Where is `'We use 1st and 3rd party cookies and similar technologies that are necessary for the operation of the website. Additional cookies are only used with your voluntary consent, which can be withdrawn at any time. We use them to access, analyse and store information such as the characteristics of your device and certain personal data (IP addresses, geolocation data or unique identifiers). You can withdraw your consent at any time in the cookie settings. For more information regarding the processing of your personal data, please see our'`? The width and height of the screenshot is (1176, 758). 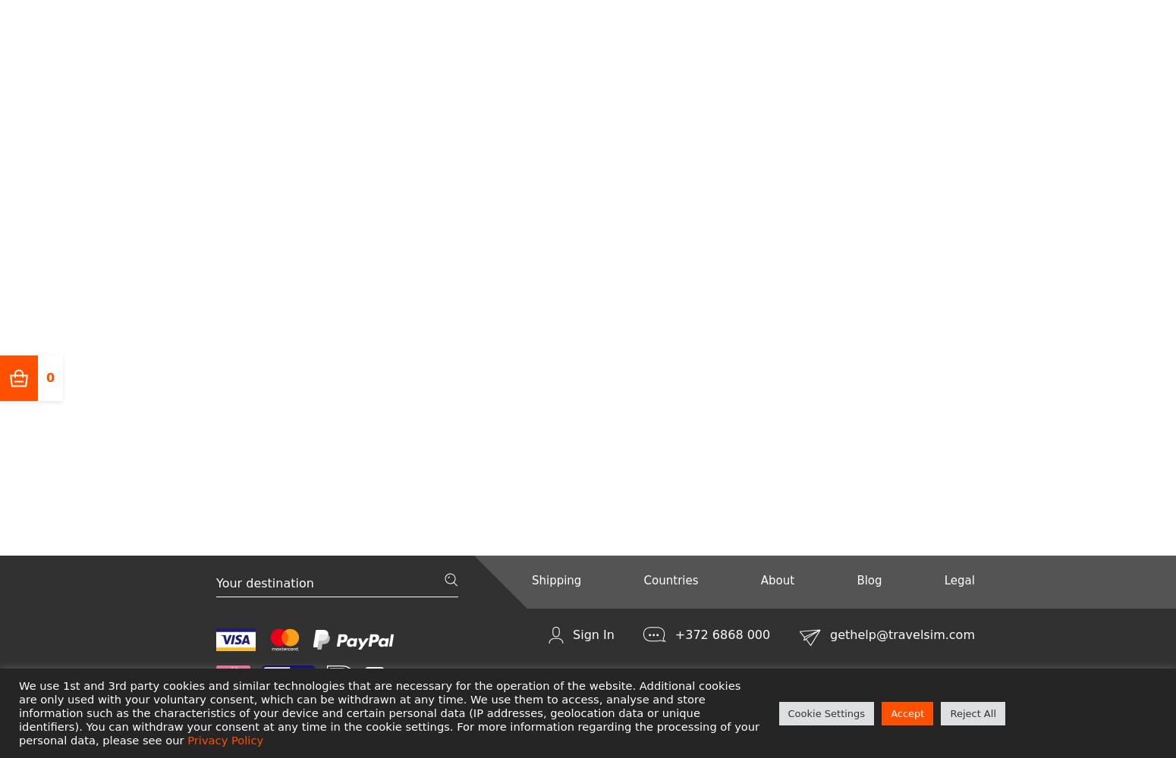 'We use 1st and 3rd party cookies and similar technologies that are necessary for the operation of the website. Additional cookies are only used with your voluntary consent, which can be withdrawn at any time. We use them to access, analyse and store information such as the characteristics of your device and certain personal data (IP addresses, geolocation data or unique identifiers). You can withdraw your consent at any time in the cookie settings. For more information regarding the processing of your personal data, please see our' is located at coordinates (17, 712).